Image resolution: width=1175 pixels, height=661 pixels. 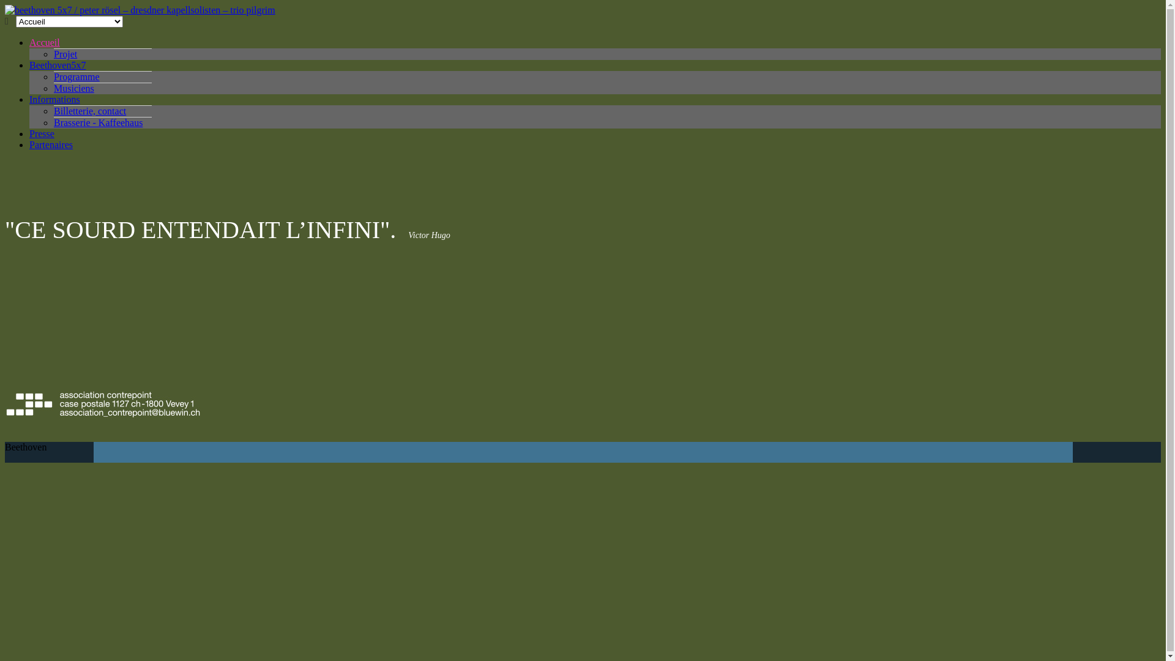 What do you see at coordinates (89, 111) in the screenshot?
I see `'Billetterie, contact'` at bounding box center [89, 111].